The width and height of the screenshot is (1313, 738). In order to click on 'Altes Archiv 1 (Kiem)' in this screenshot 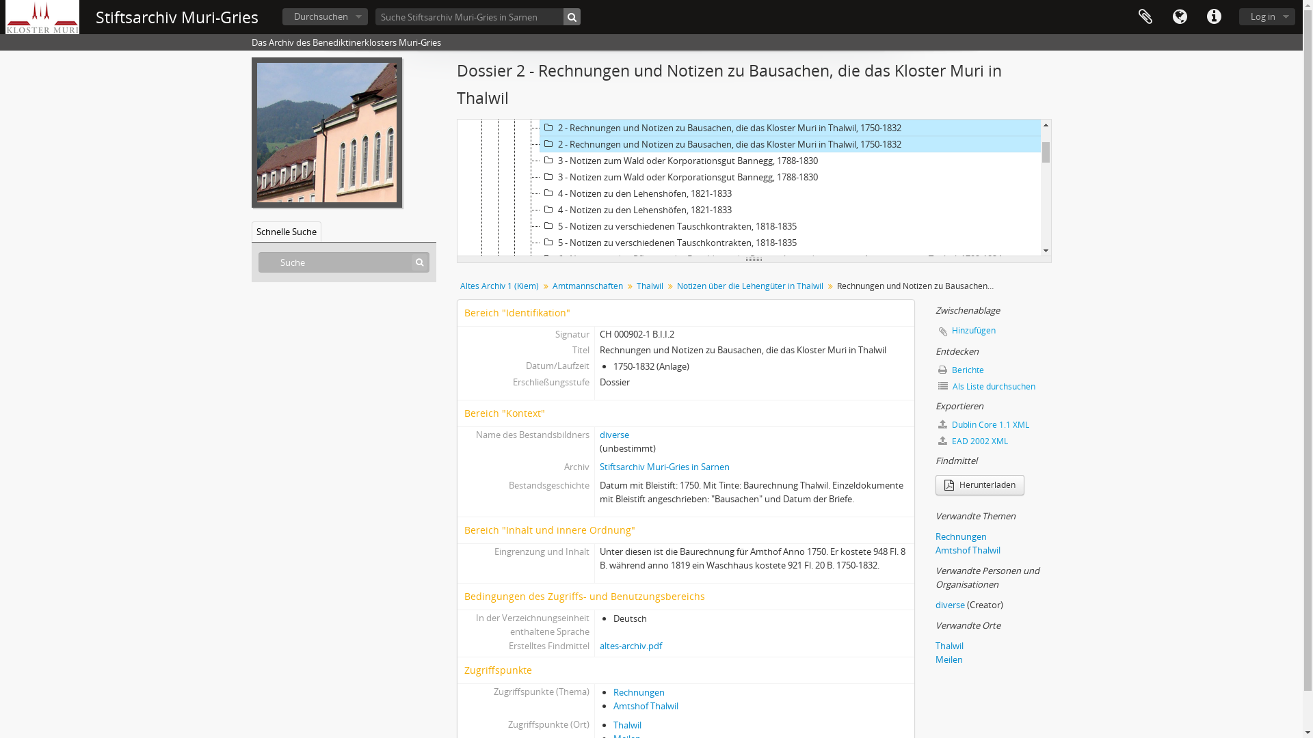, I will do `click(499, 286)`.